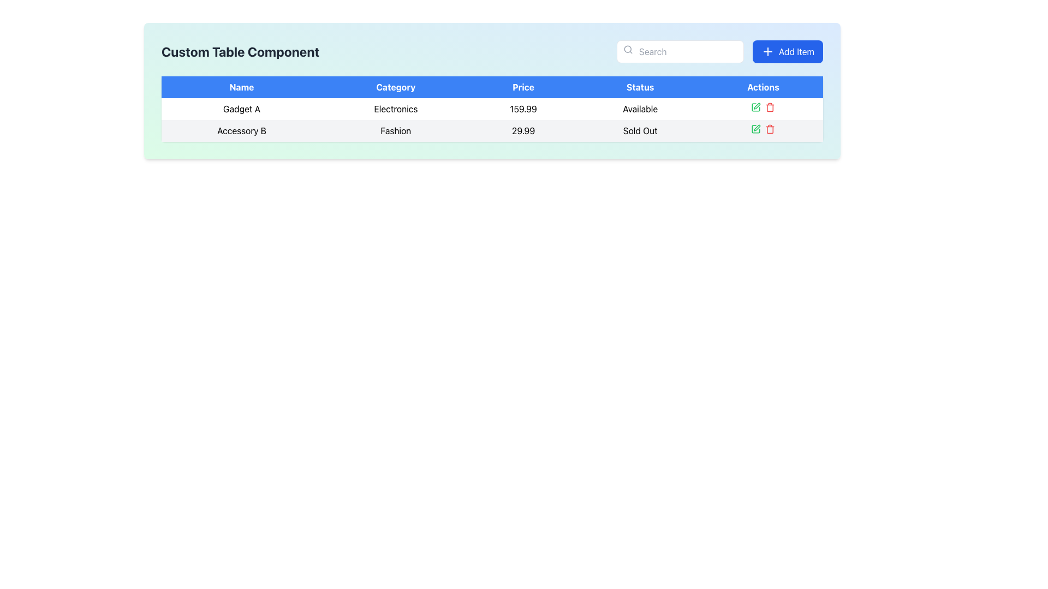 Image resolution: width=1048 pixels, height=589 pixels. What do you see at coordinates (755, 128) in the screenshot?
I see `the edit icon in the 'Actions' column for 'Accessory B' in the table, which indicates the action of editing` at bounding box center [755, 128].